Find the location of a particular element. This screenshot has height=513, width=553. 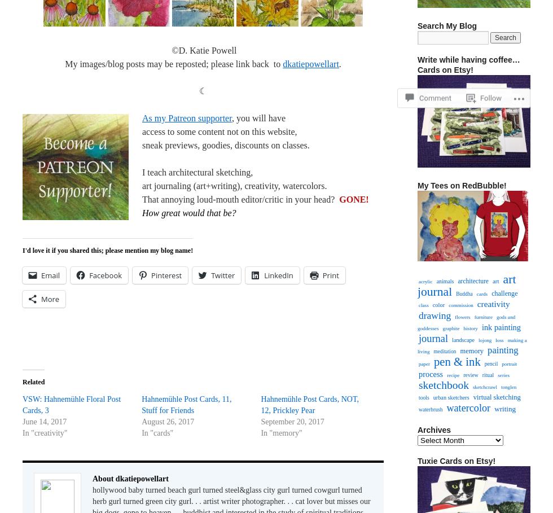

'challenge' is located at coordinates (504, 293).